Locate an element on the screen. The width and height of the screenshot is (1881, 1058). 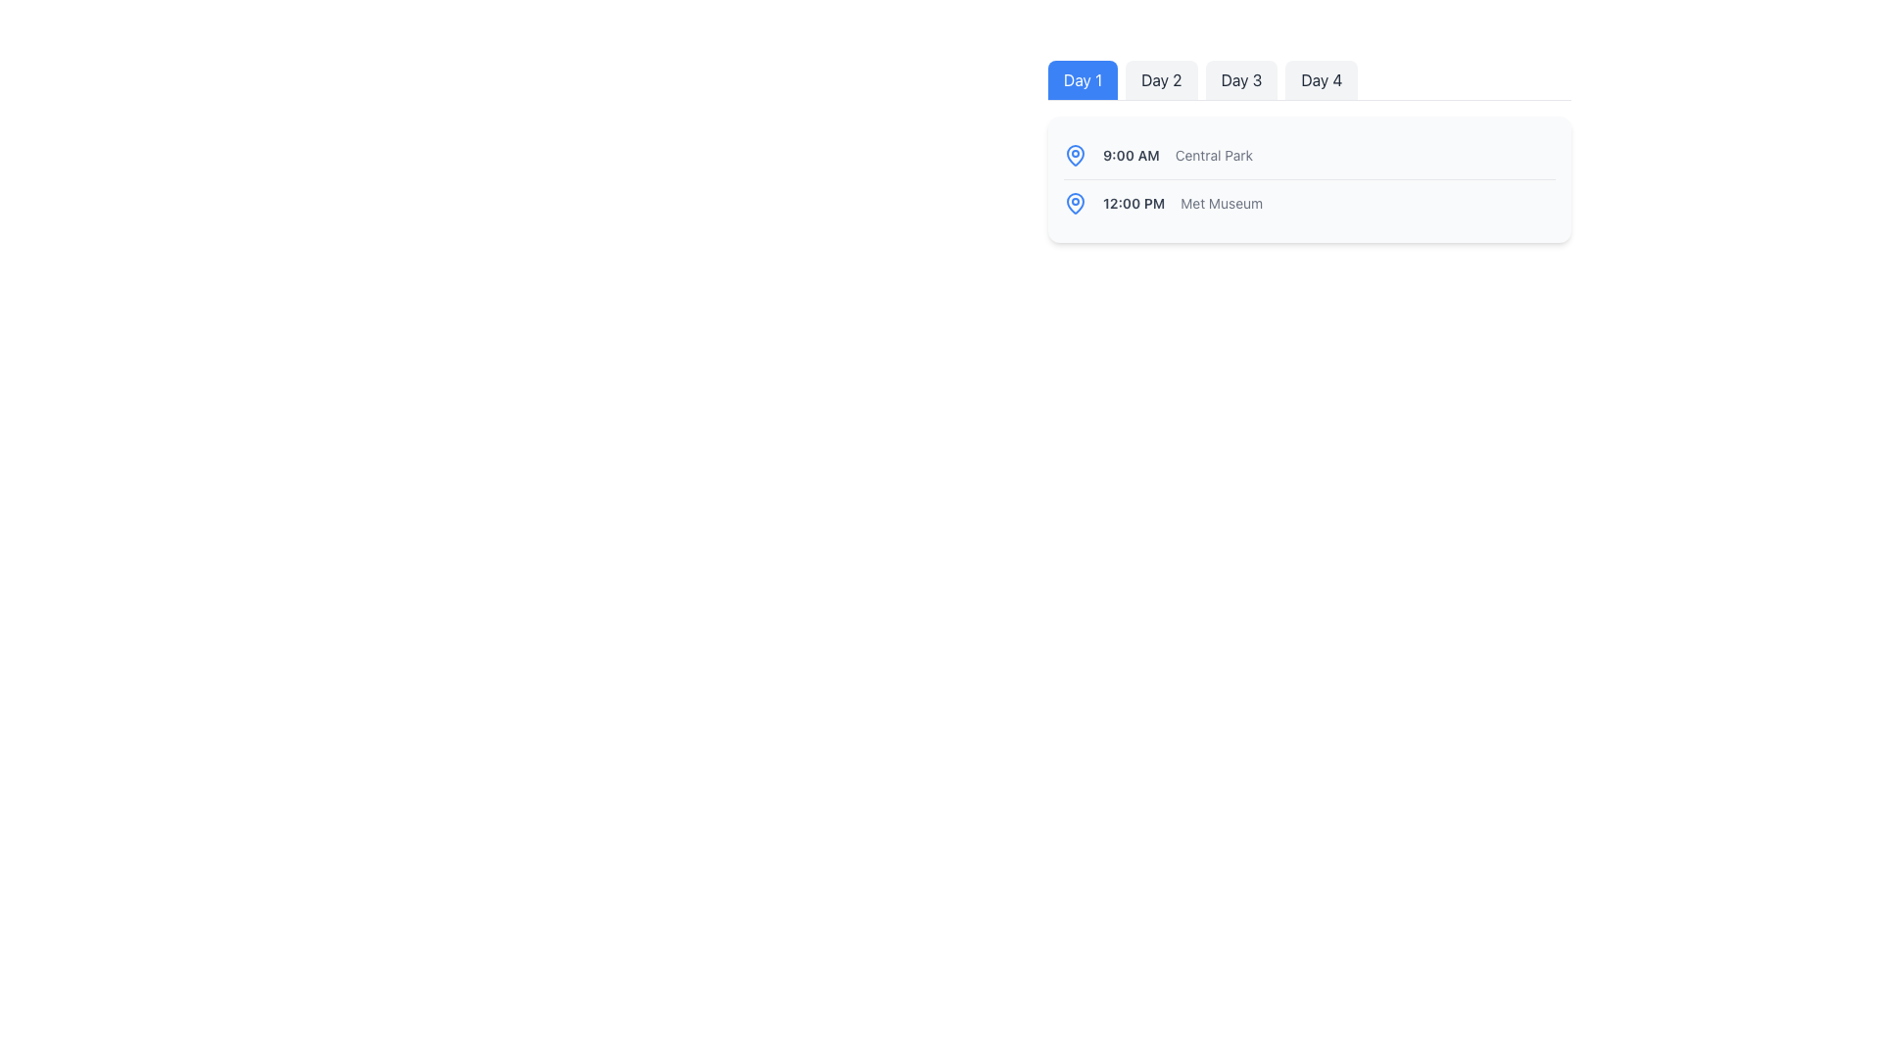
the label displaying the time '9:00 AM', which is positioned to the right of a blue location marker and to the left of the text element 'Central Park' is located at coordinates (1131, 154).